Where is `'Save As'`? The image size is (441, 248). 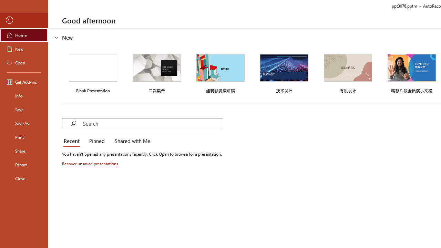
'Save As' is located at coordinates (24, 123).